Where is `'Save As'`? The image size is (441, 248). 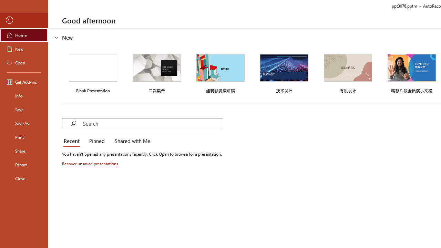
'Save As' is located at coordinates (24, 123).